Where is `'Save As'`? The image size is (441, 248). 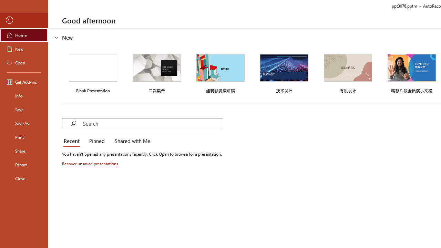
'Save As' is located at coordinates (24, 123).